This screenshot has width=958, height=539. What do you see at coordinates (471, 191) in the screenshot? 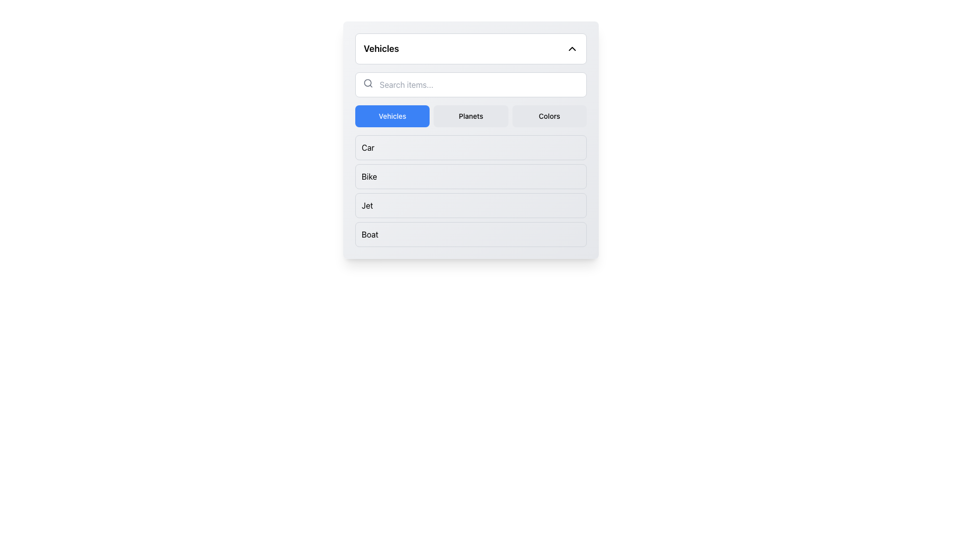
I see `the vehicle selection list located below the 'Vehicles' button` at bounding box center [471, 191].